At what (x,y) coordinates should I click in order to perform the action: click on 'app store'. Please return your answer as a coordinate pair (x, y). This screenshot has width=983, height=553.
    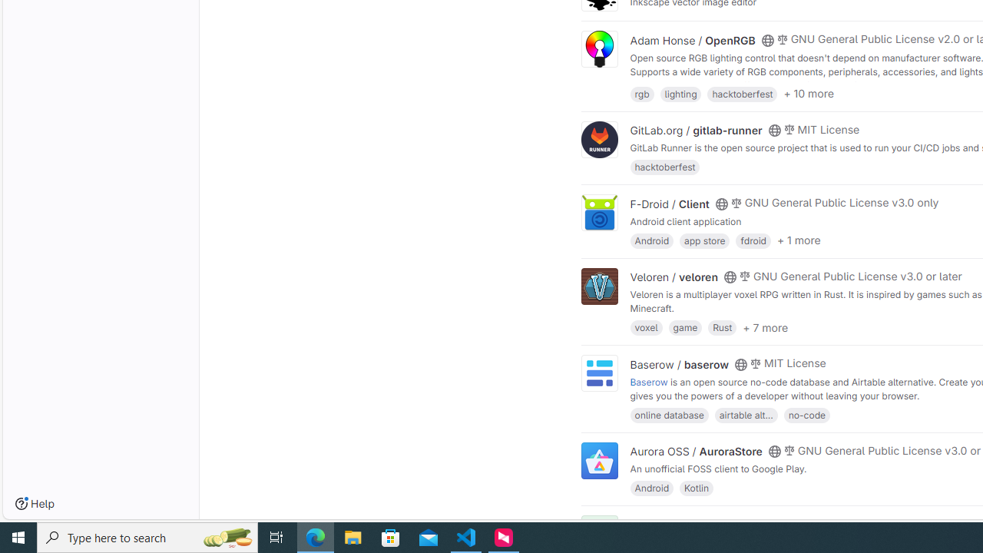
    Looking at the image, I should click on (703, 240).